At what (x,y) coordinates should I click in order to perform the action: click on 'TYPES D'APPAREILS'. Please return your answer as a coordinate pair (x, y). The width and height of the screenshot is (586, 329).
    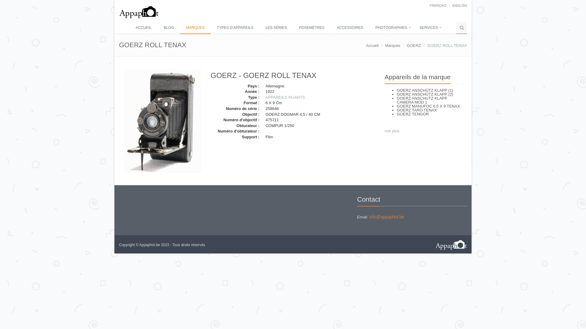
    Looking at the image, I should click on (235, 28).